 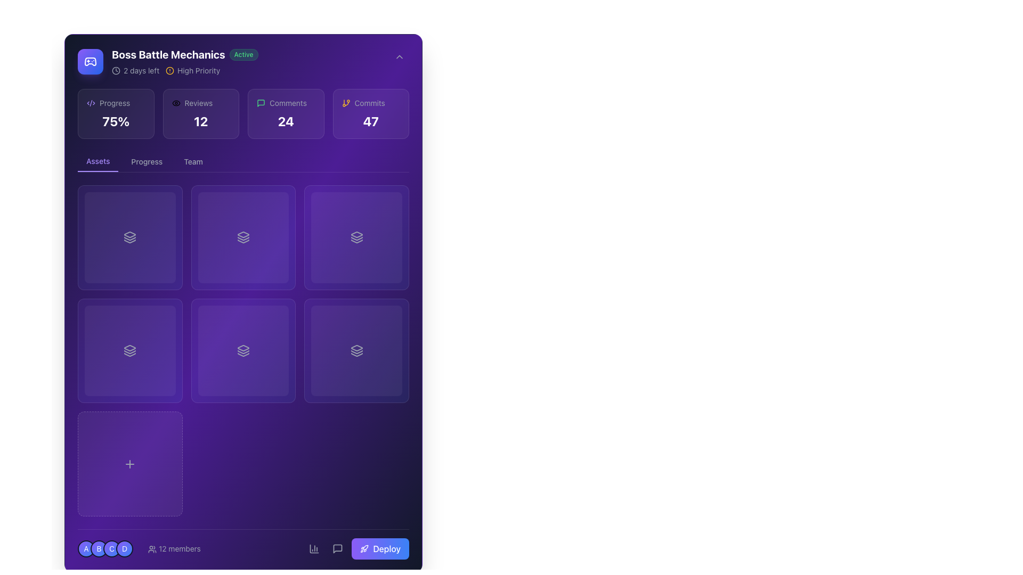 I want to click on the deploy button located at the bottom right corner of the application interface to observe the hover effect, so click(x=242, y=544).